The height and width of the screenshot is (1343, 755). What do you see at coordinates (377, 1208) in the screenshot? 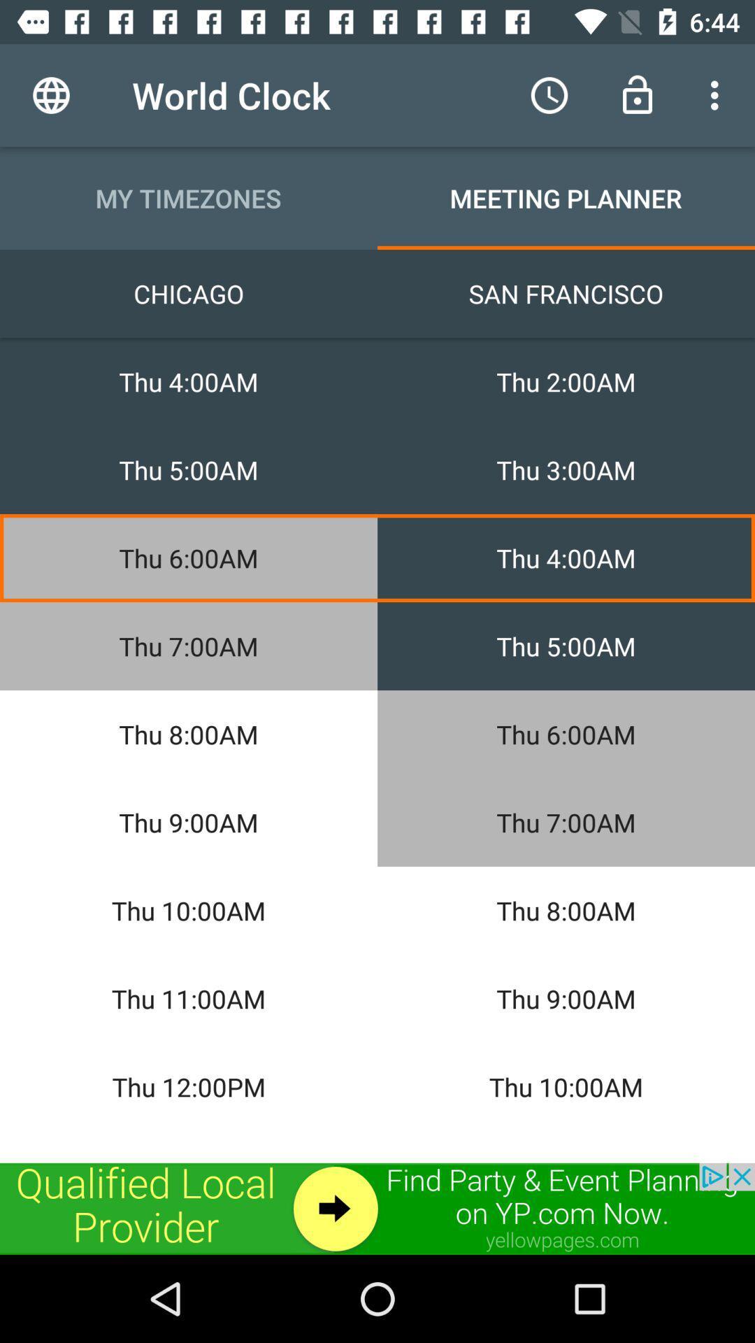
I see `yellowpages.com advertisement` at bounding box center [377, 1208].